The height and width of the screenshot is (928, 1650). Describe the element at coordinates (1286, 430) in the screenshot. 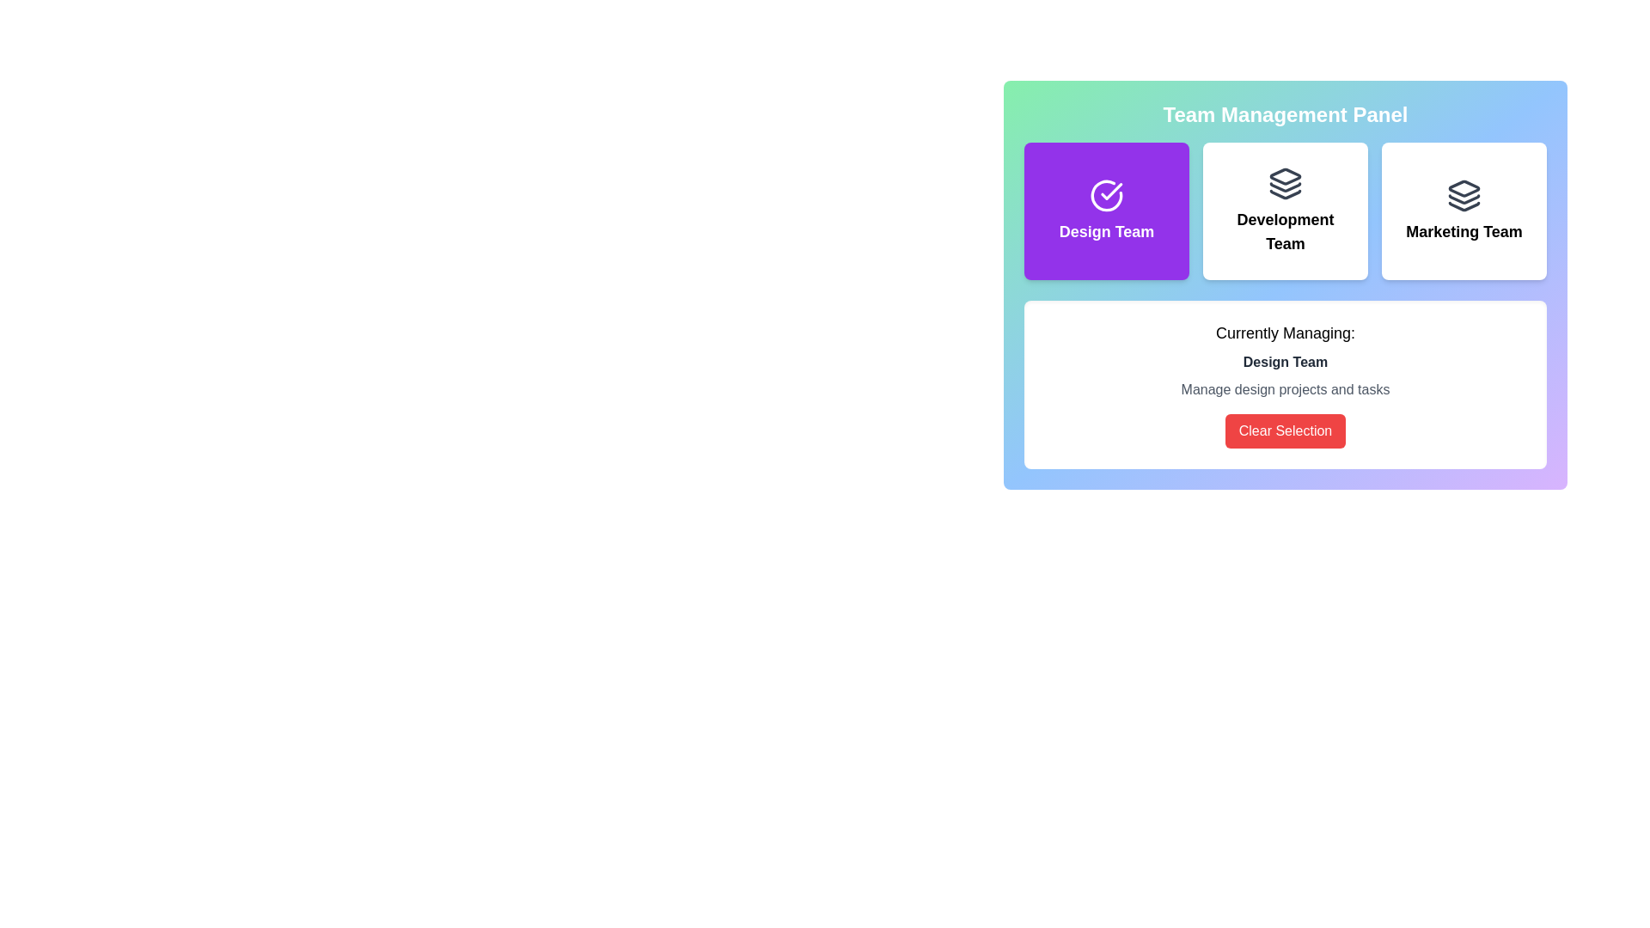

I see `the 'Clear Selection' button located below the 'Manage design projects and tasks' text` at that location.